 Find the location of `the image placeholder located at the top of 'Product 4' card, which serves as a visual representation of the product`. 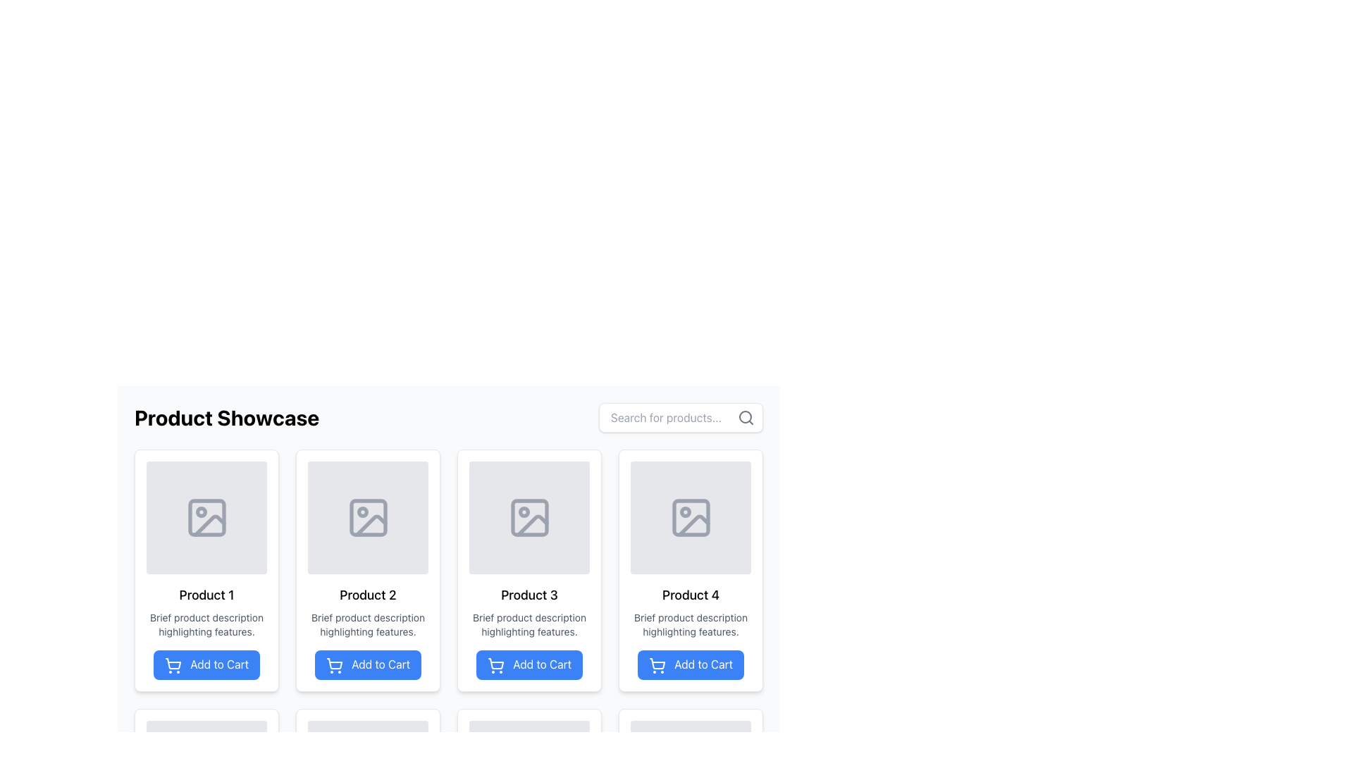

the image placeholder located at the top of 'Product 4' card, which serves as a visual representation of the product is located at coordinates (691, 518).